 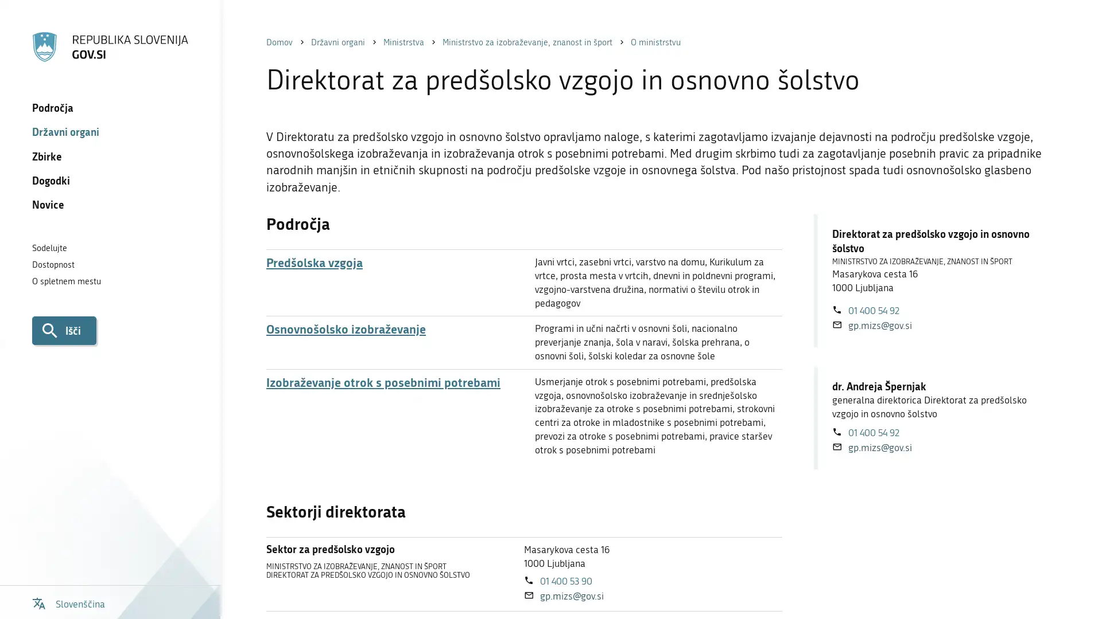 What do you see at coordinates (63, 330) in the screenshot?
I see `Iskalnik` at bounding box center [63, 330].